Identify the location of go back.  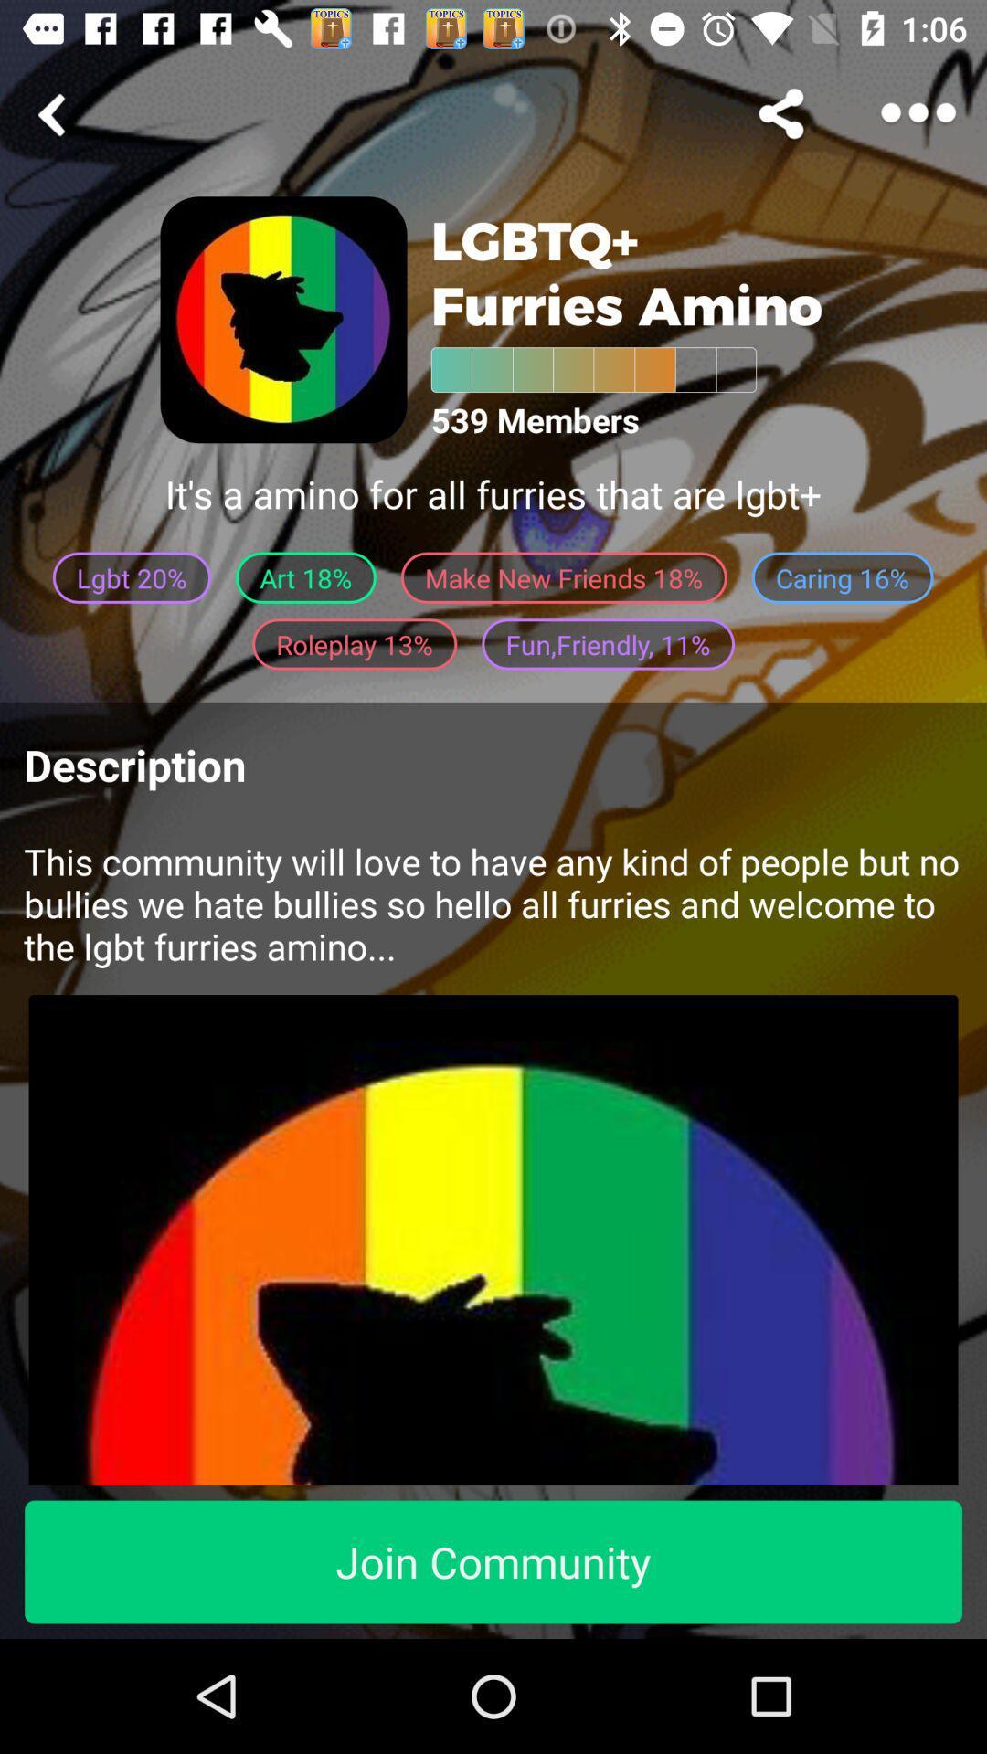
(54, 113).